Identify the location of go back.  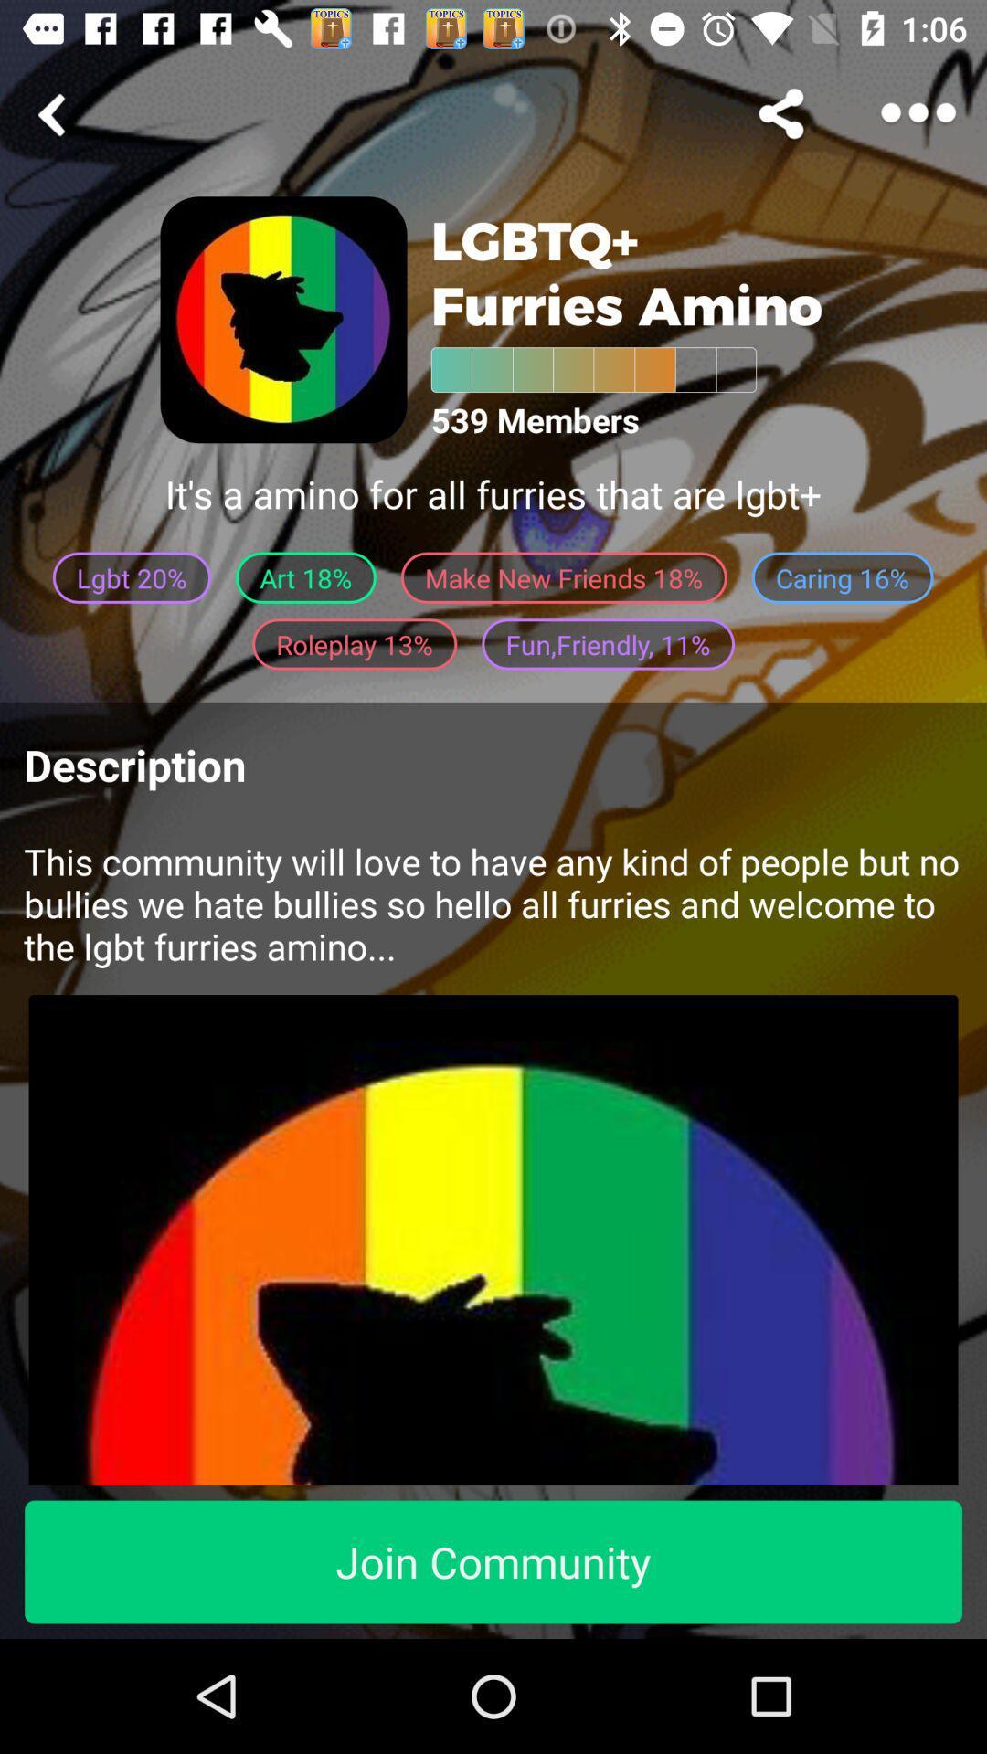
(54, 113).